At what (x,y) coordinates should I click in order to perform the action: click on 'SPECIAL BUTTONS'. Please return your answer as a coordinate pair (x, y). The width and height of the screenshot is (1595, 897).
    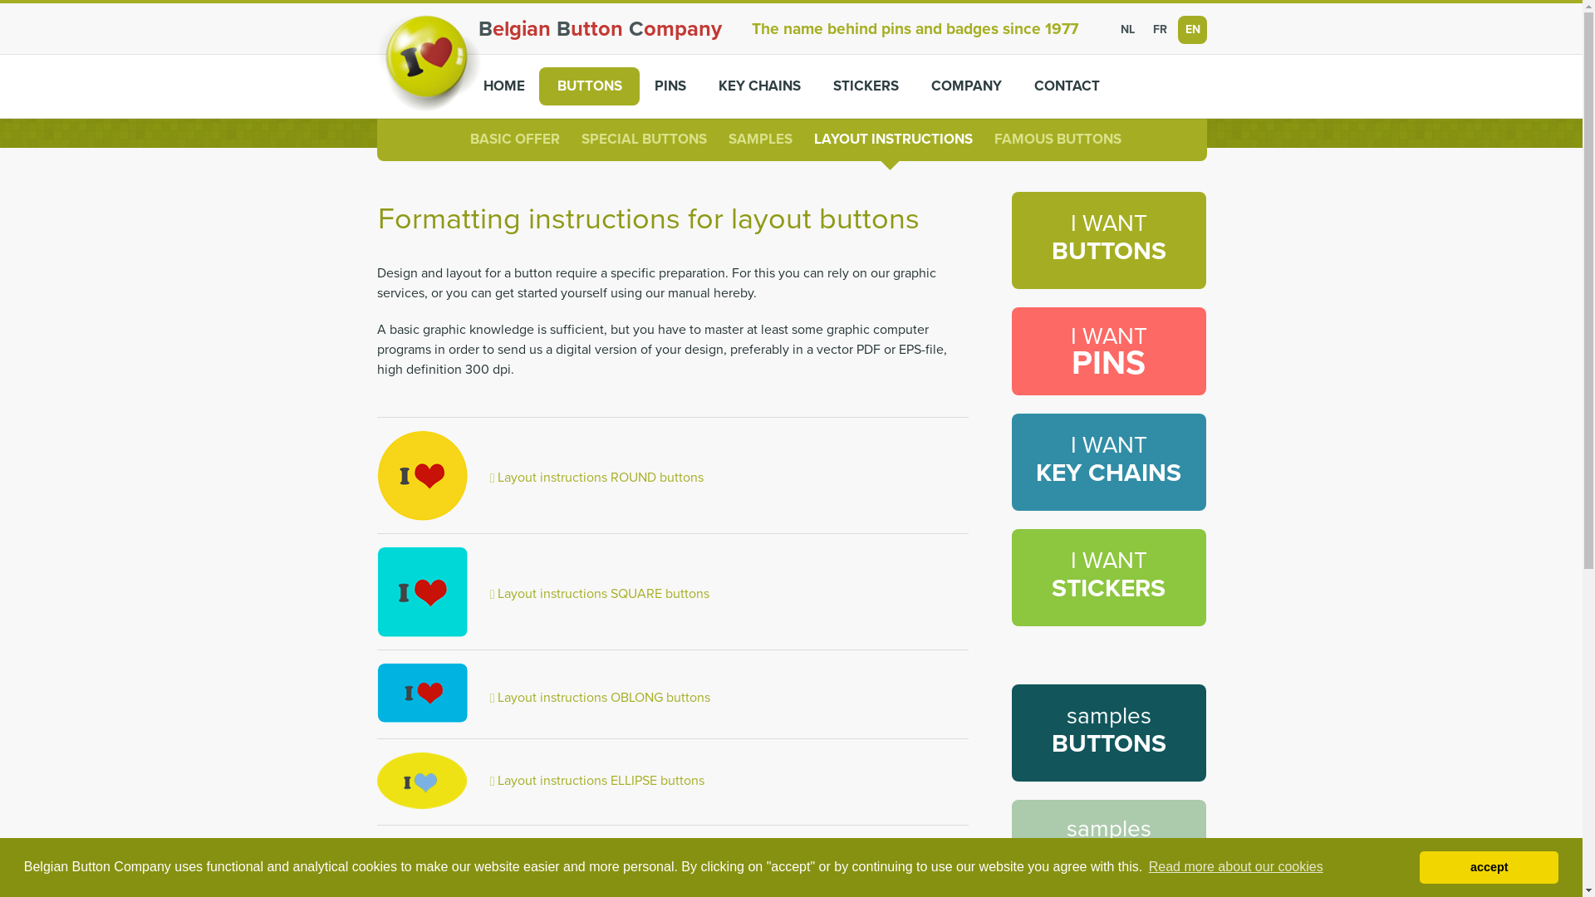
    Looking at the image, I should click on (643, 139).